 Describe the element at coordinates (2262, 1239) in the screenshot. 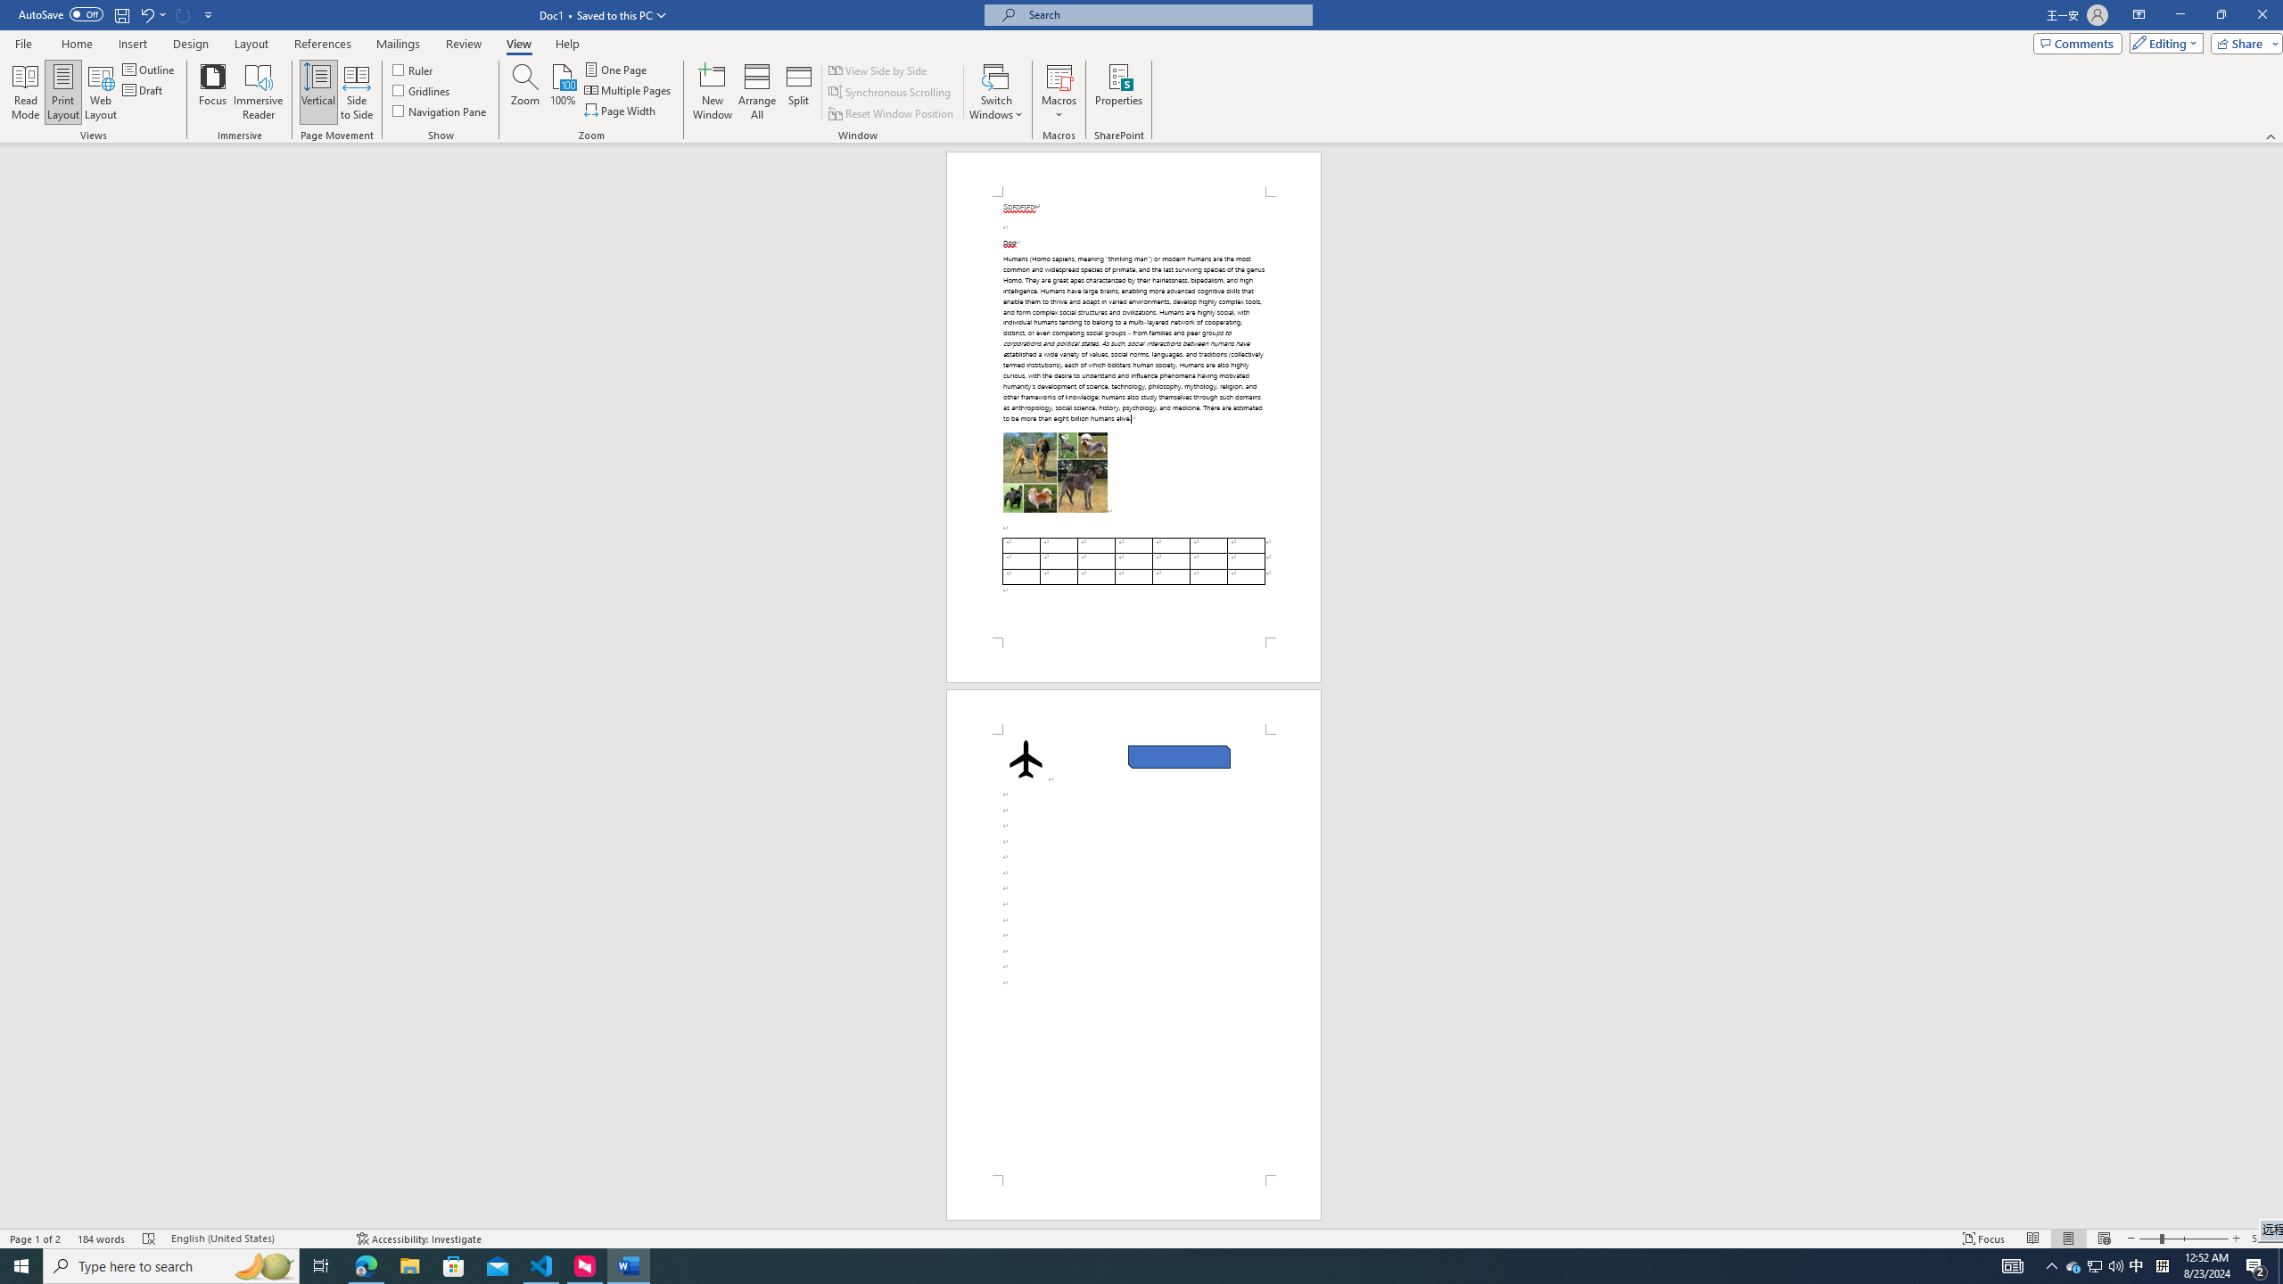

I see `'Zoom 53%'` at that location.